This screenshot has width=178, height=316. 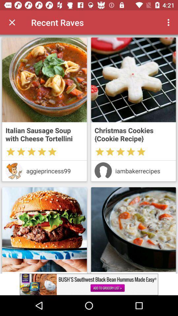 I want to click on for recipe details, so click(x=133, y=229).